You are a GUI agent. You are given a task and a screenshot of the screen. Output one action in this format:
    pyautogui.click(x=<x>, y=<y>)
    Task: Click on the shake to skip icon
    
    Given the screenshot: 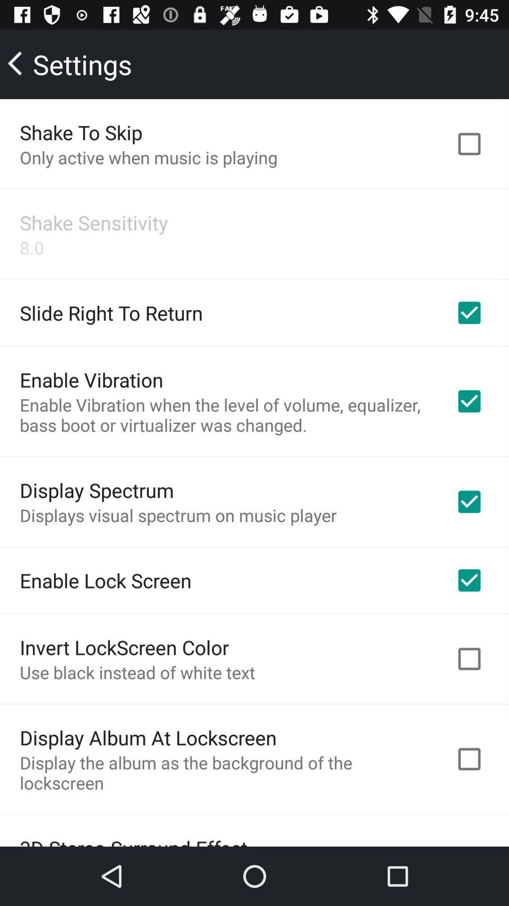 What is the action you would take?
    pyautogui.click(x=81, y=132)
    